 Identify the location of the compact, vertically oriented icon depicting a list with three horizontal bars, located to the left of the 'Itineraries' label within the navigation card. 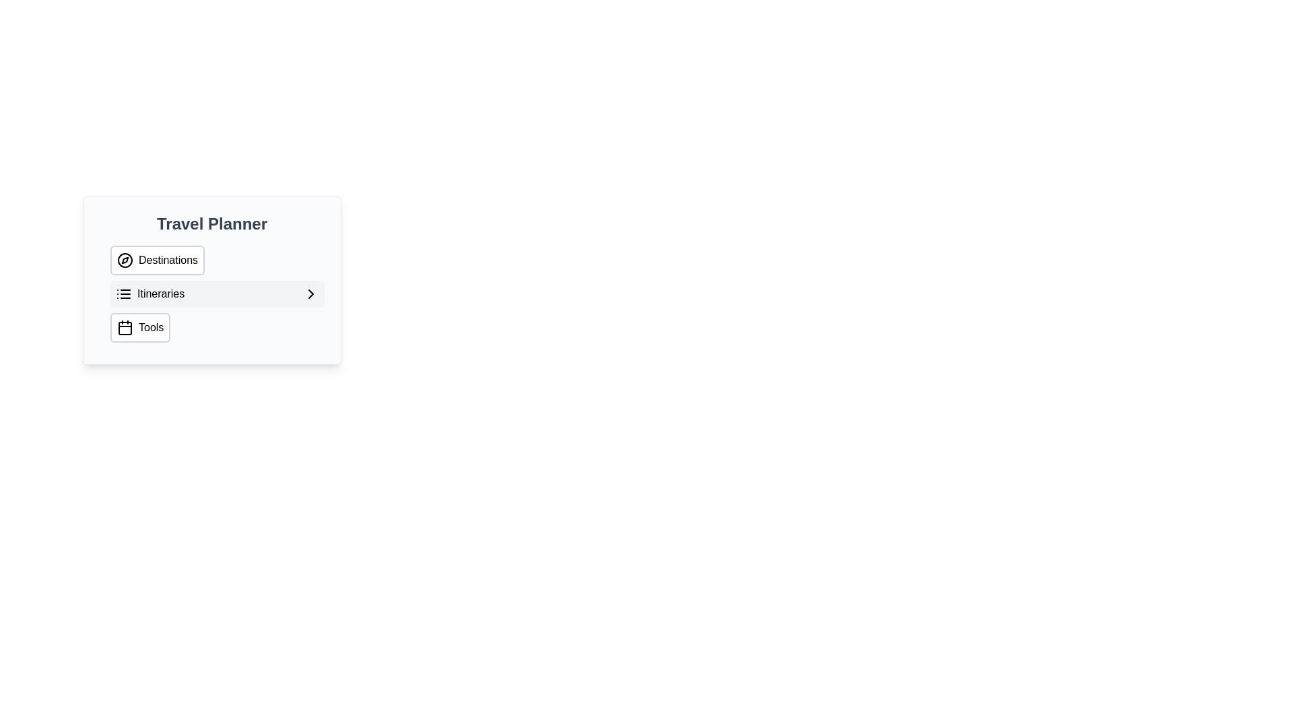
(123, 293).